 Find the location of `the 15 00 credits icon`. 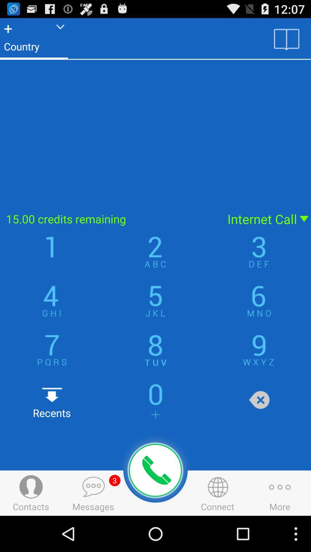

the 15 00 credits icon is located at coordinates (110, 218).